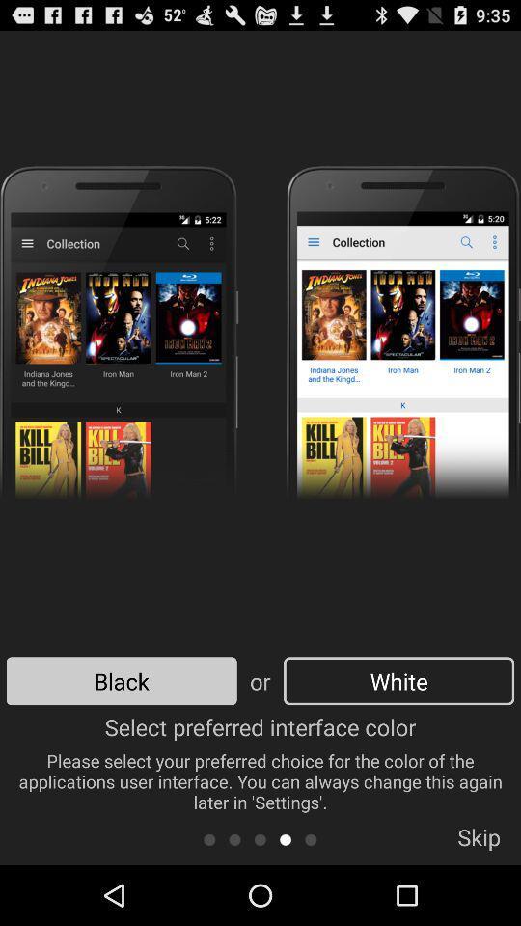  I want to click on the icon to the left of skip item, so click(311, 838).